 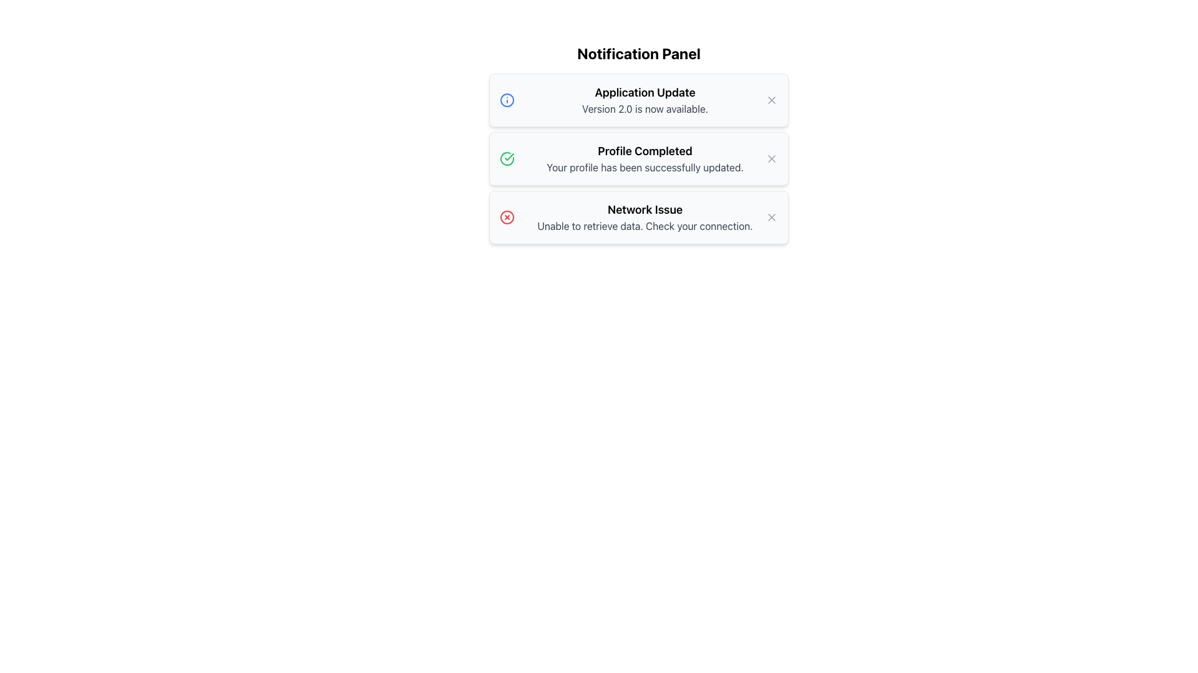 I want to click on the static text display element titled 'Application Update' which shows the subtitle 'Version 2.0 is now available.', so click(x=645, y=100).